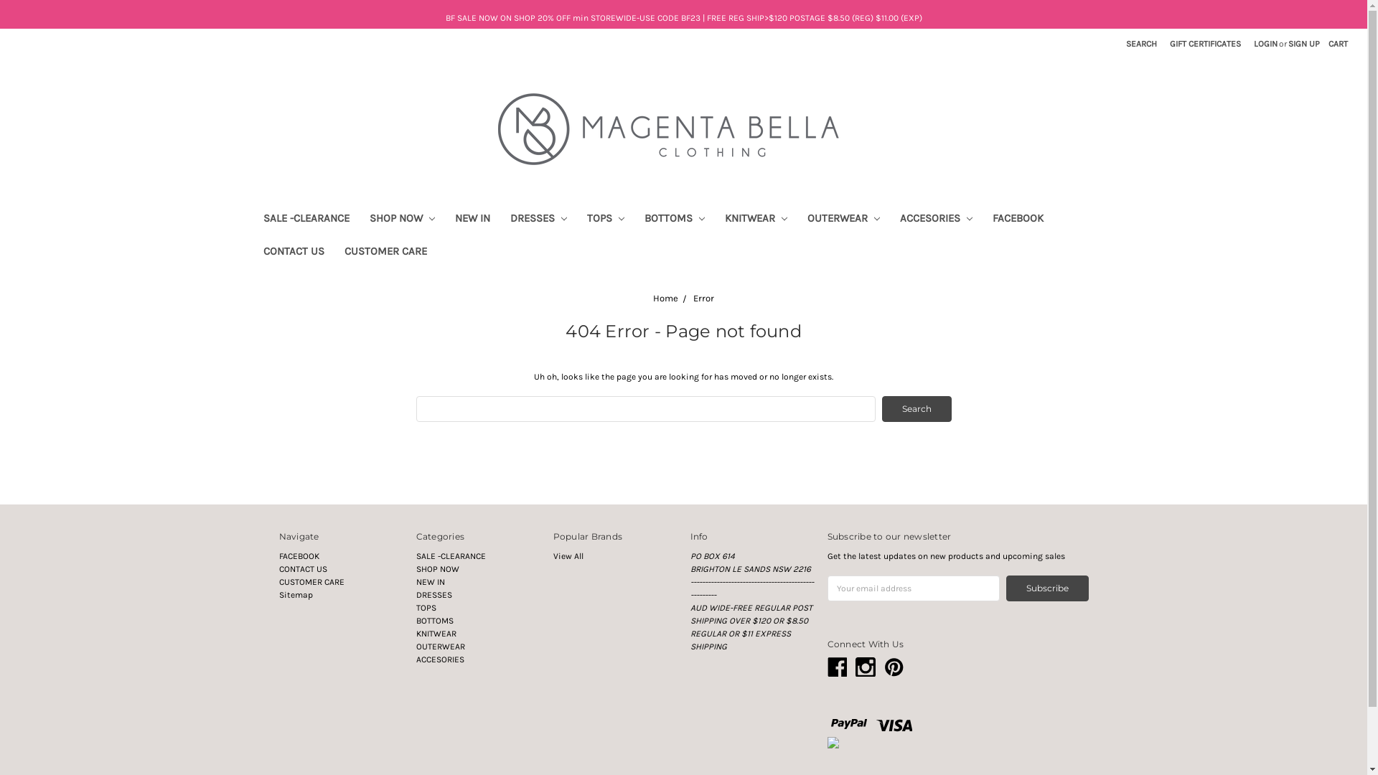 Image resolution: width=1378 pixels, height=775 pixels. I want to click on 'SALE -CLEARANCE', so click(450, 555).